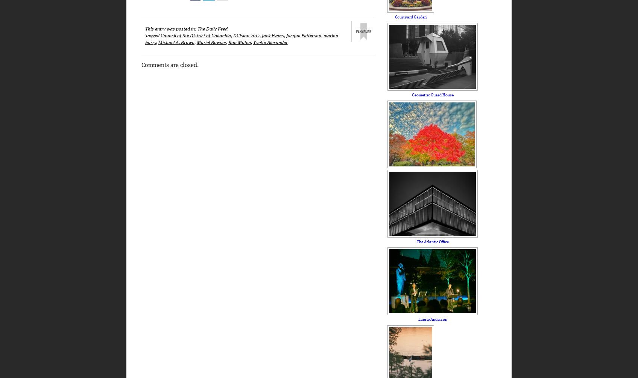 The width and height of the screenshot is (638, 378). Describe the element at coordinates (286, 35) in the screenshot. I see `'Jacque Patterson'` at that location.